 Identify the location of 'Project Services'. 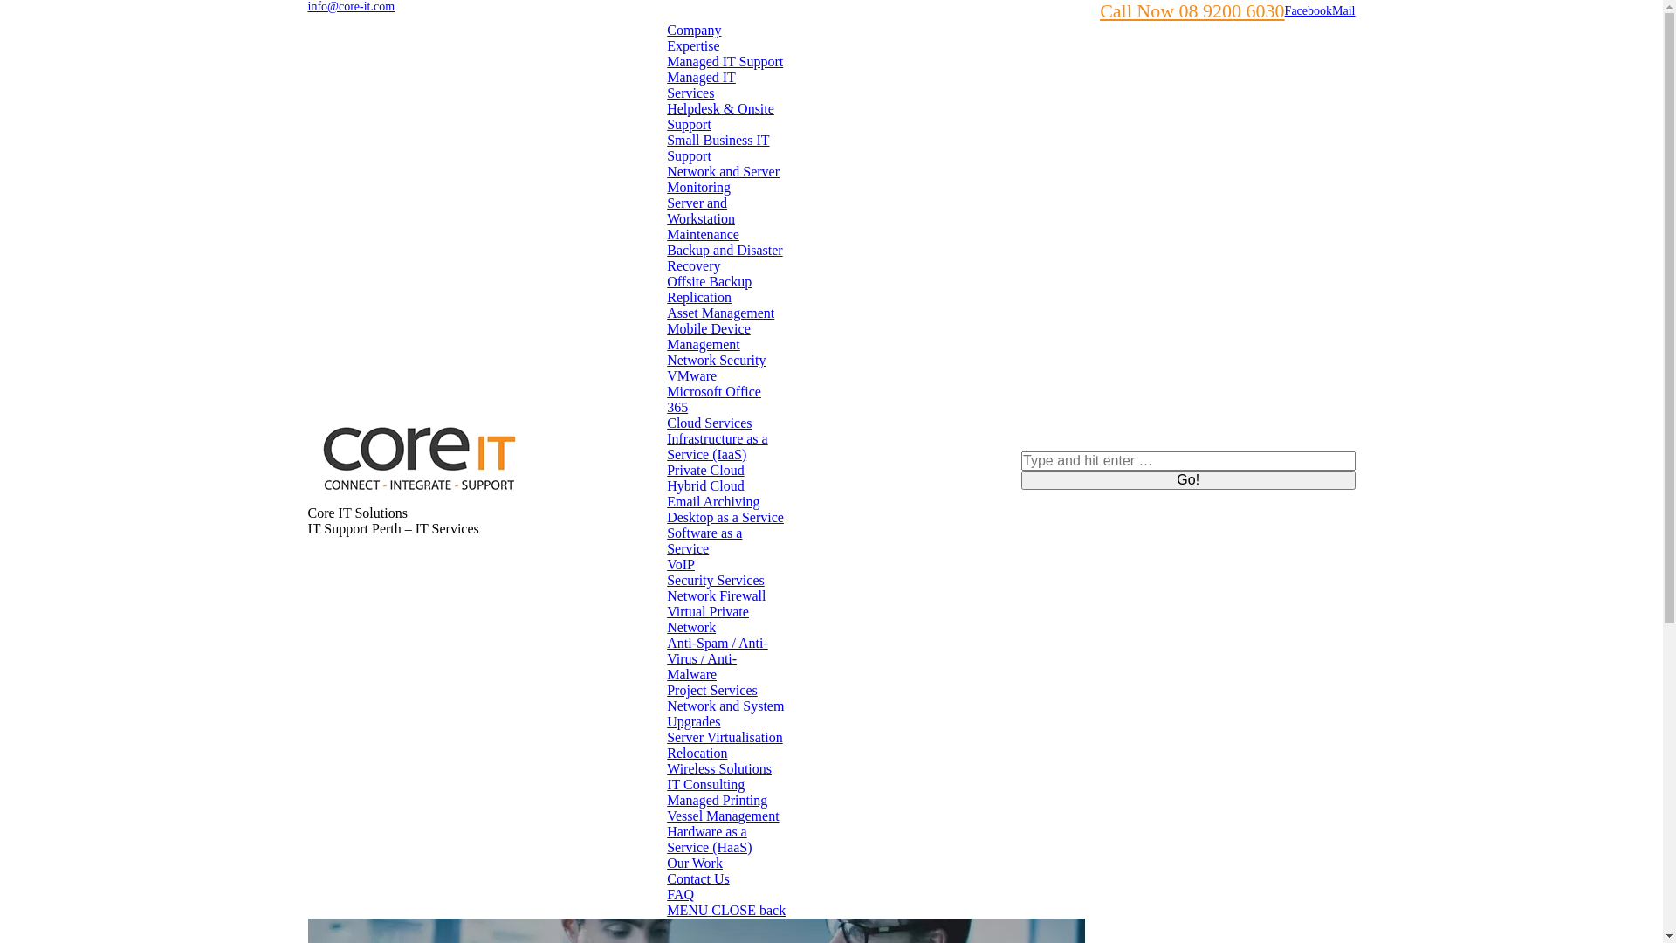
(712, 689).